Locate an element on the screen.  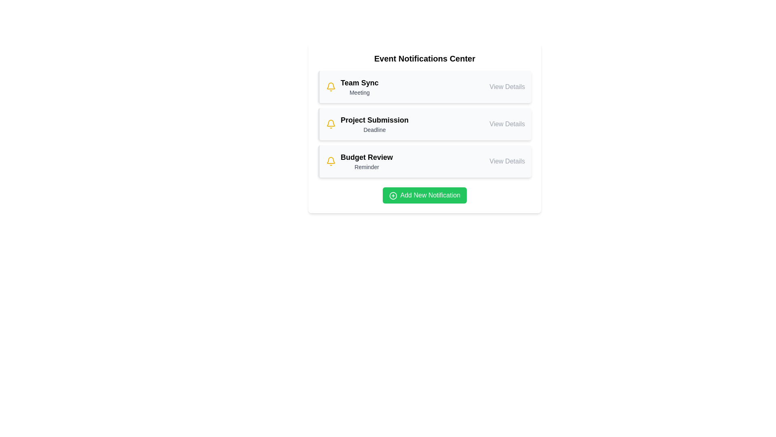
the Notification card titled 'Team Sync' with a subtitle 'Meeting' and a 'View Details' link, which is the first card in the vertical list of notifications is located at coordinates (425, 87).